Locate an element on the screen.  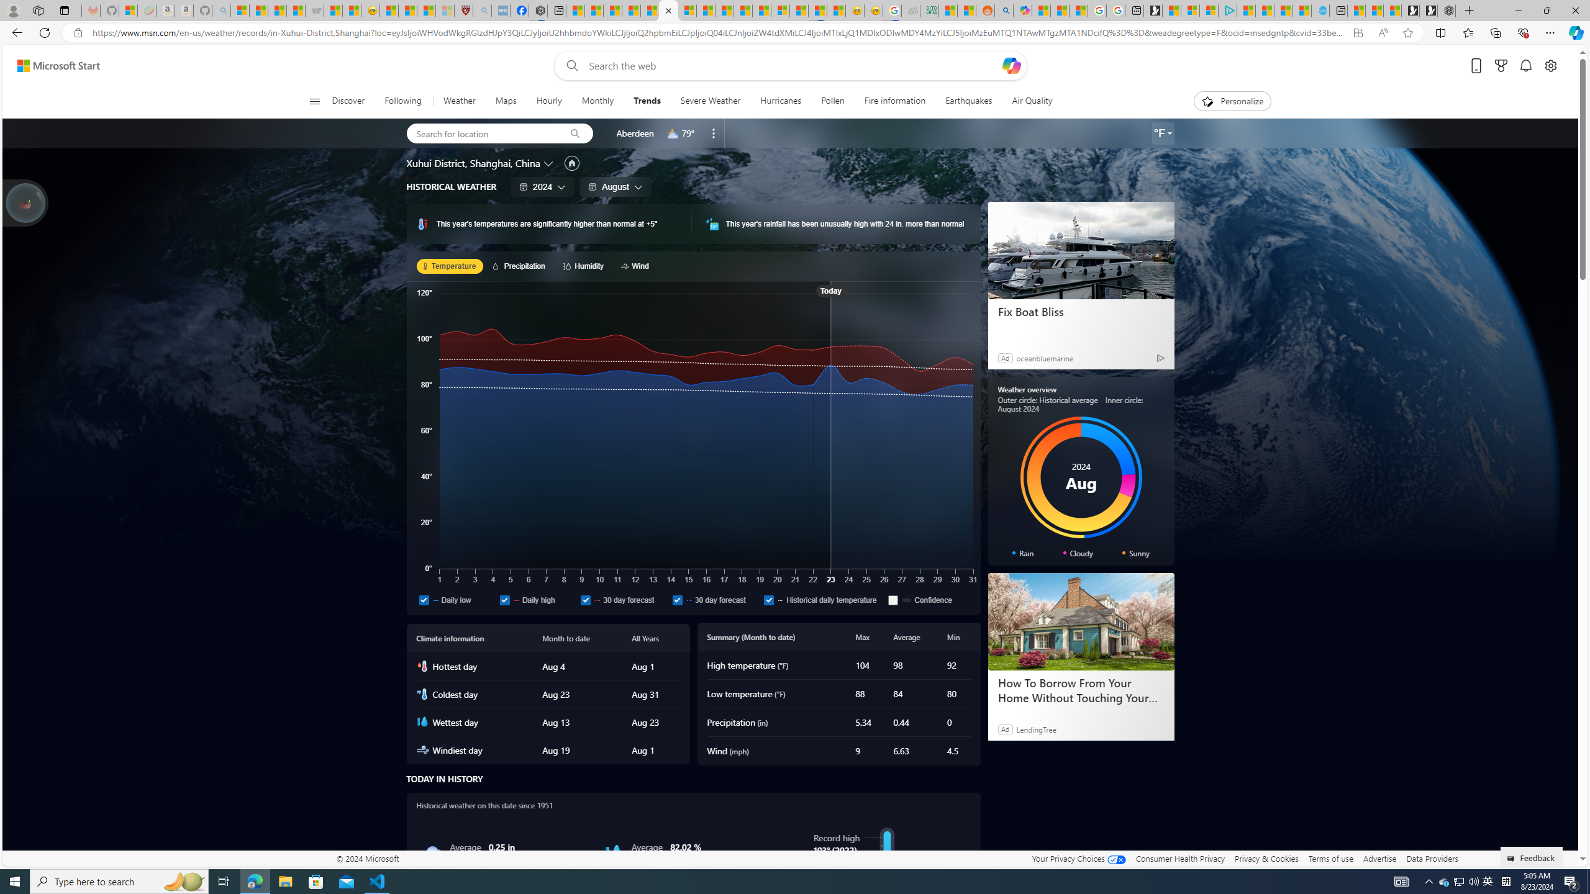
'Terms of use' is located at coordinates (1330, 858).